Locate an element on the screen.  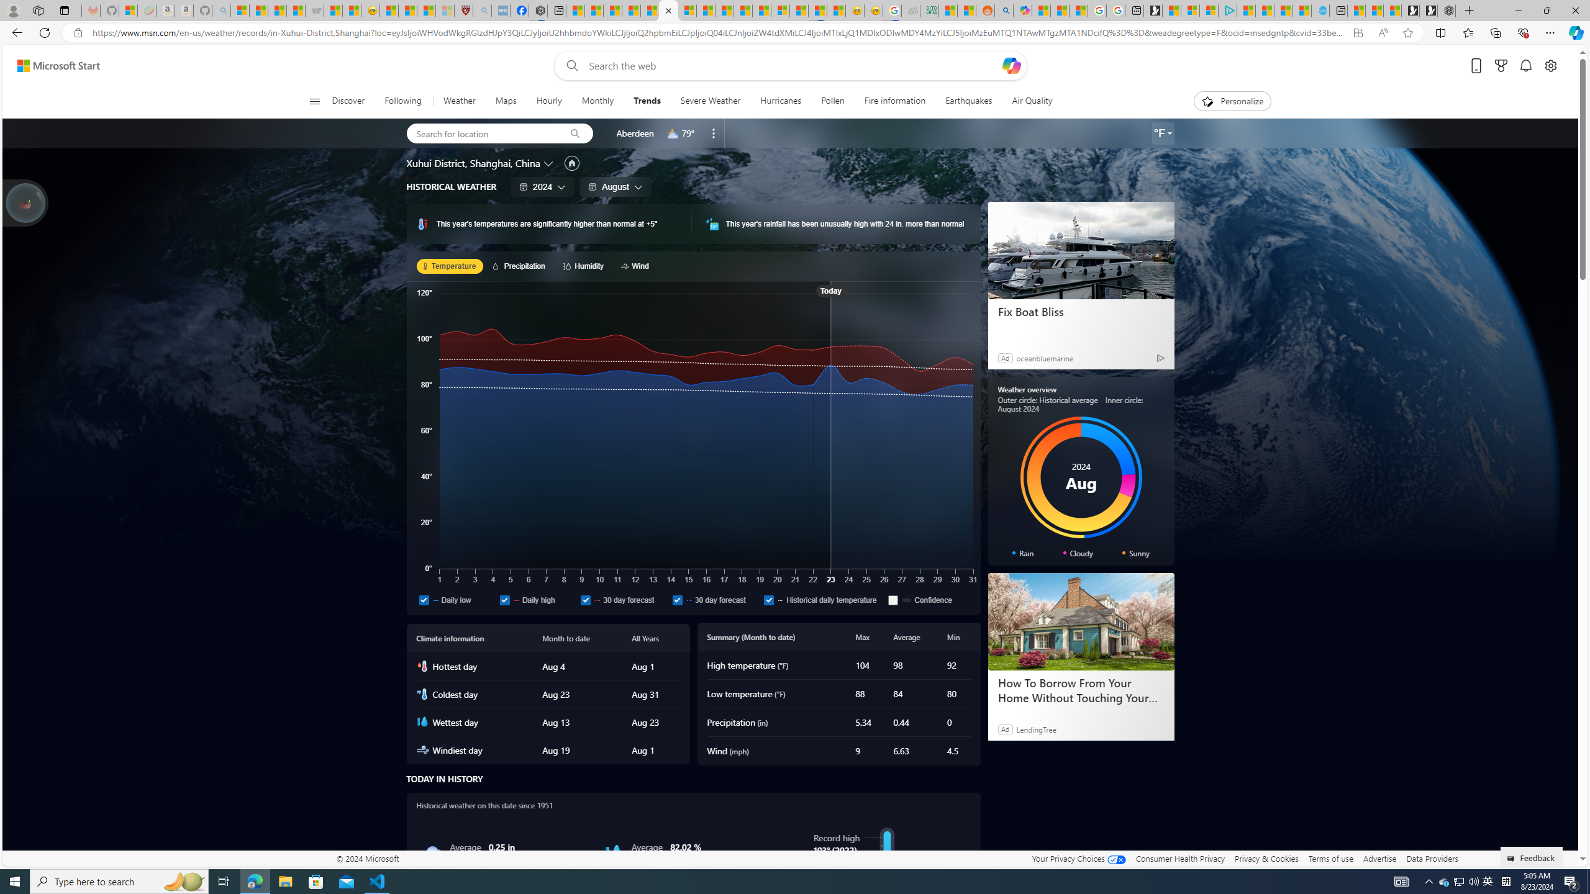
'Terms of use' is located at coordinates (1330, 858).